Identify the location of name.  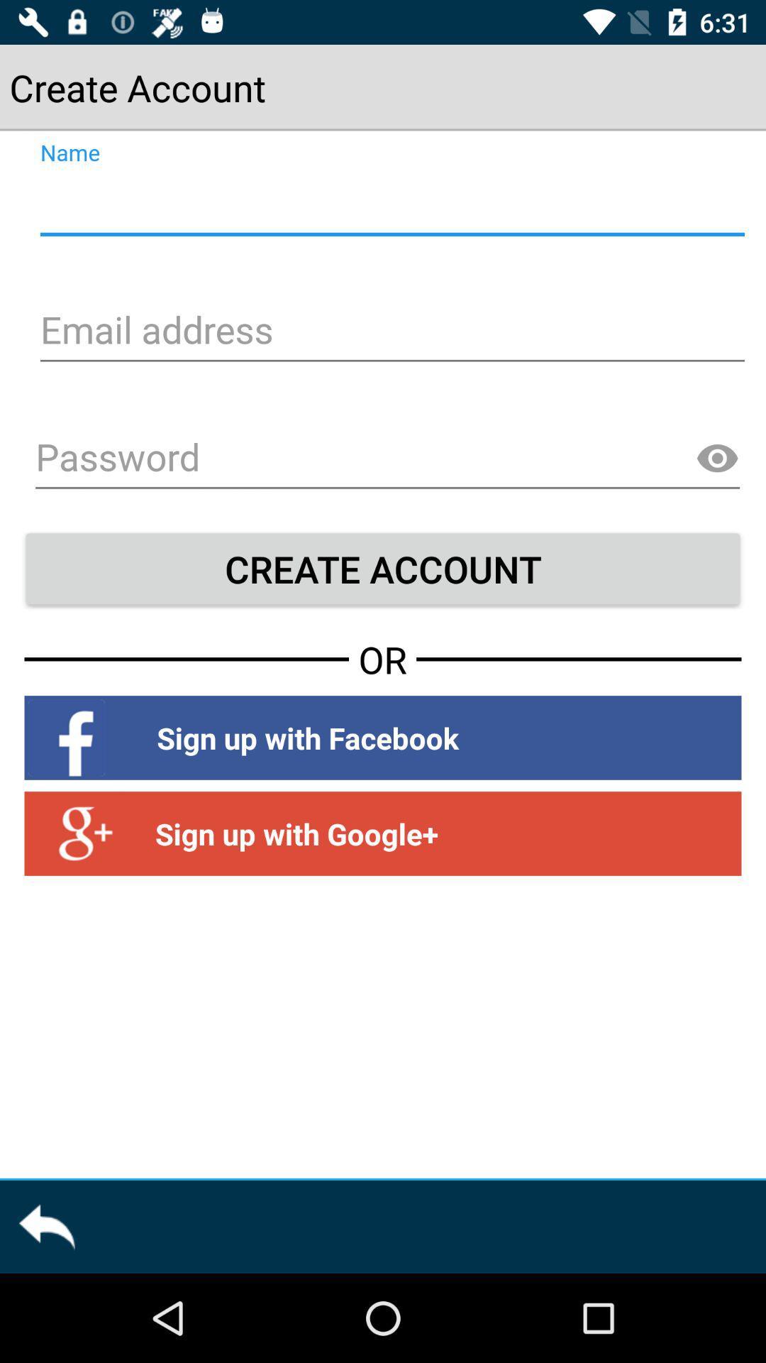
(390, 204).